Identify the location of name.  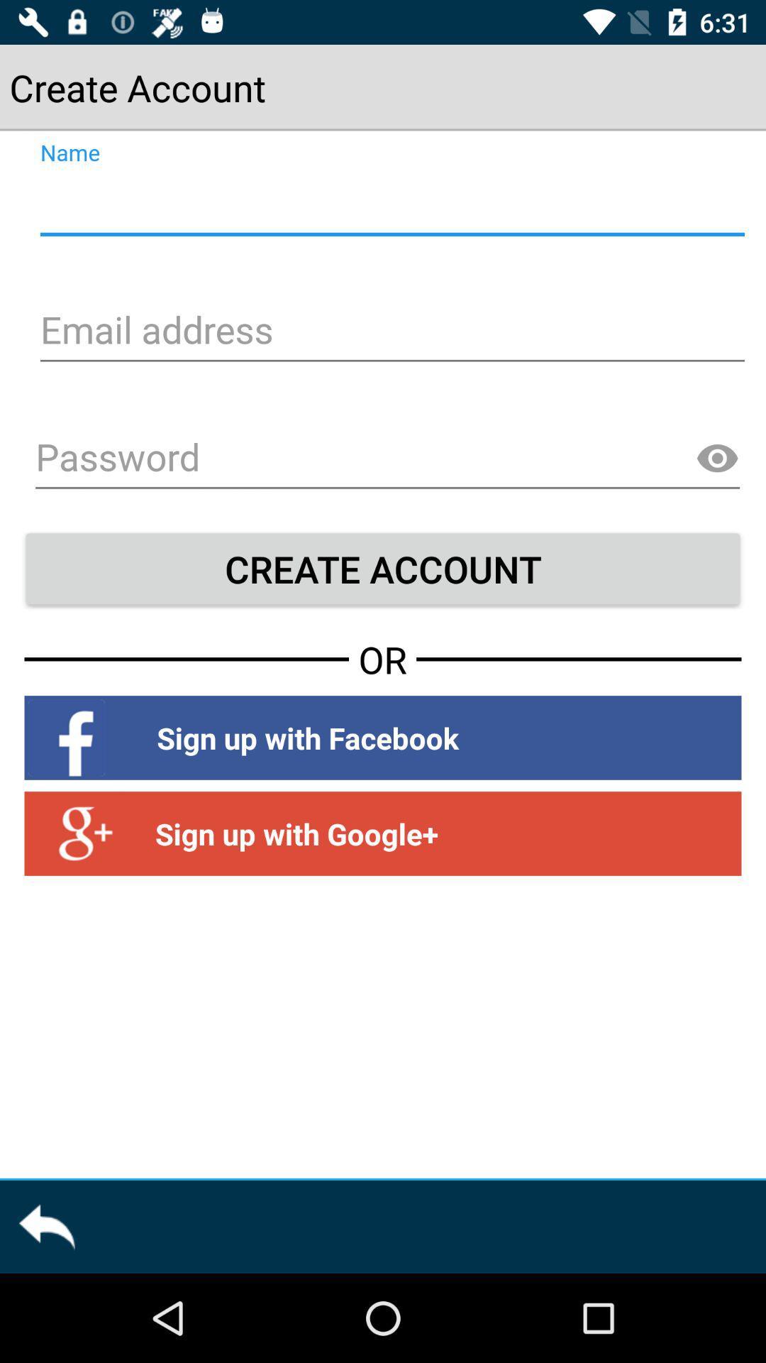
(390, 204).